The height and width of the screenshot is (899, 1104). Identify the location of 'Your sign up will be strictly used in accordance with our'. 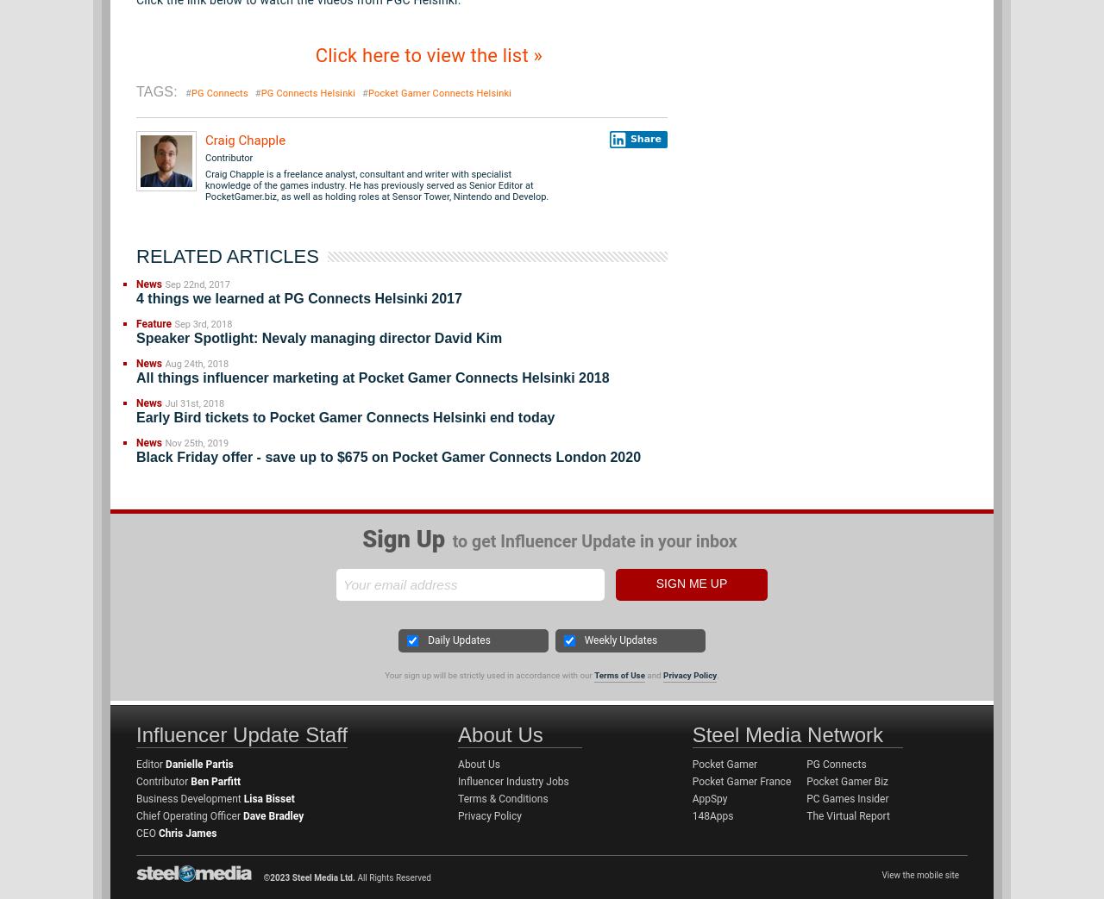
(488, 674).